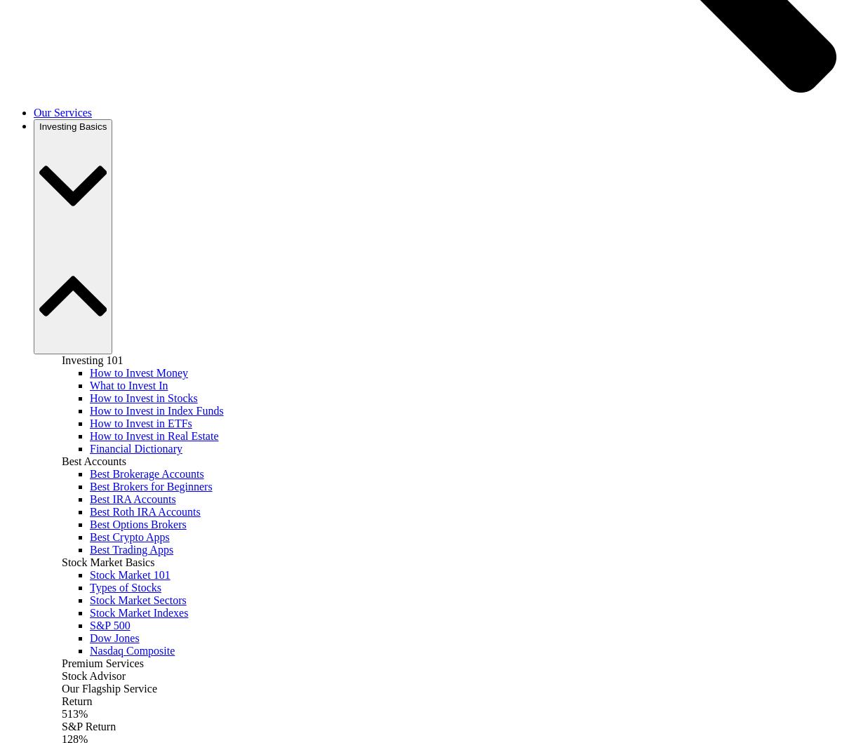 The image size is (842, 743). Describe the element at coordinates (93, 675) in the screenshot. I see `'Stock Advisor'` at that location.